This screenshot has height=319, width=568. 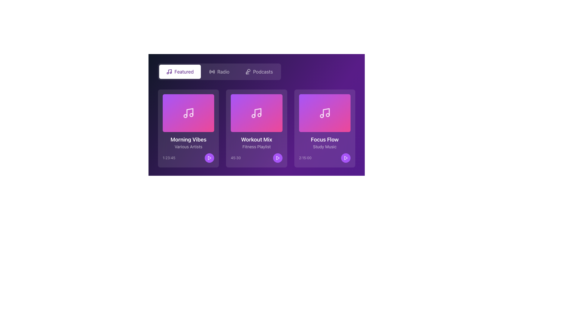 What do you see at coordinates (259, 115) in the screenshot?
I see `the small circular decorative element located to the right of the music note symbol in the 'Workout Mix' card` at bounding box center [259, 115].